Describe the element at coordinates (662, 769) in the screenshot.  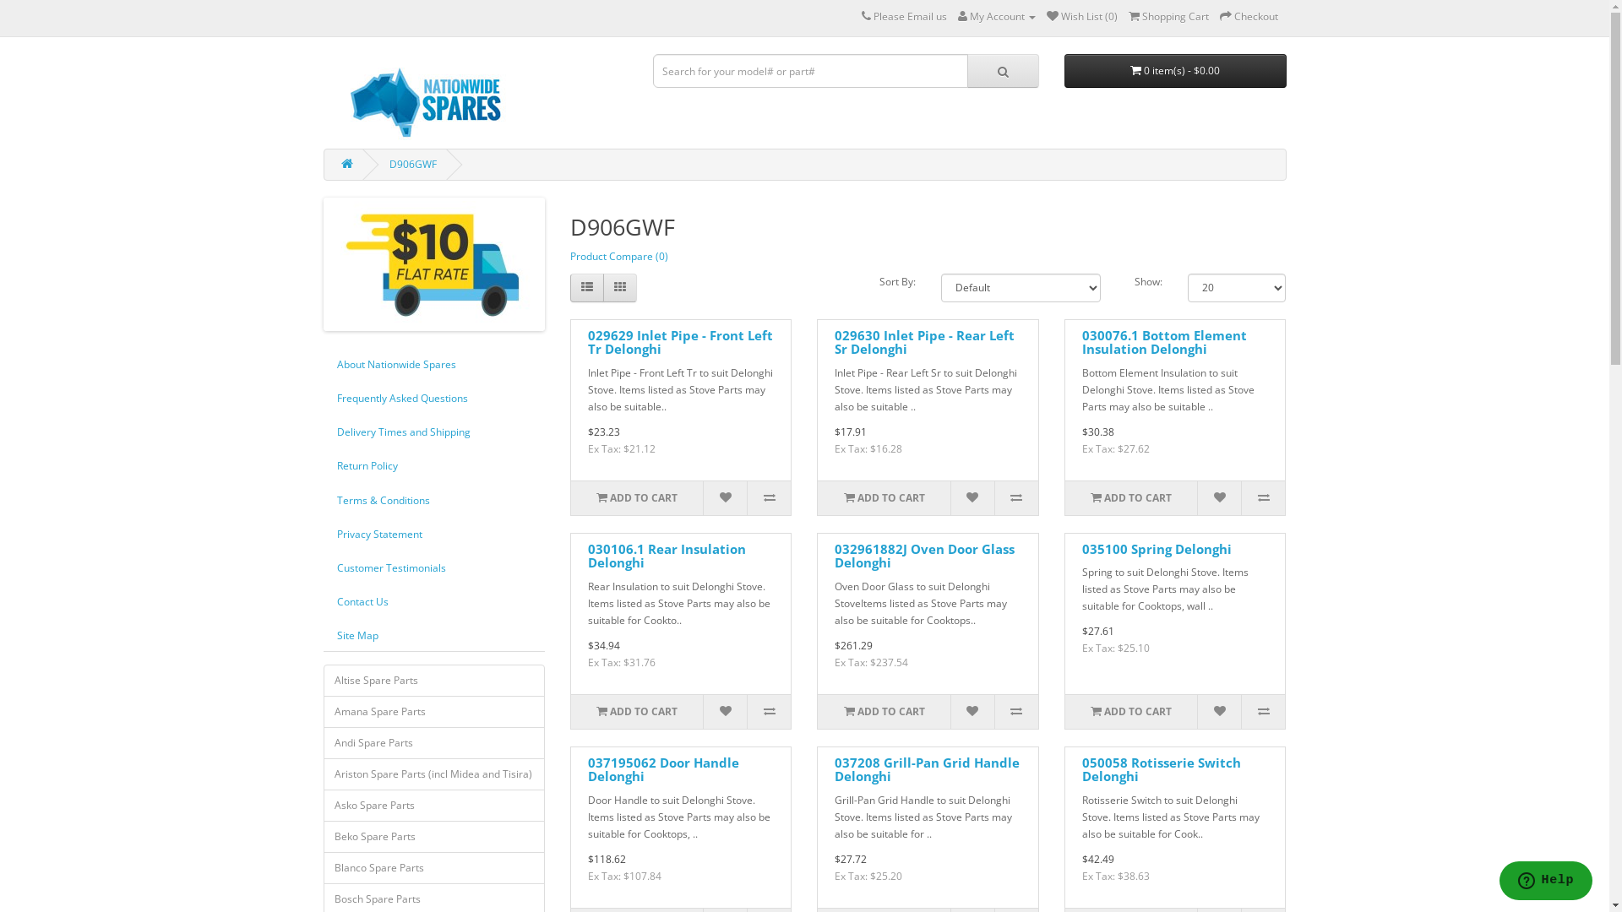
I see `'037195062 Door Handle Delonghi'` at that location.